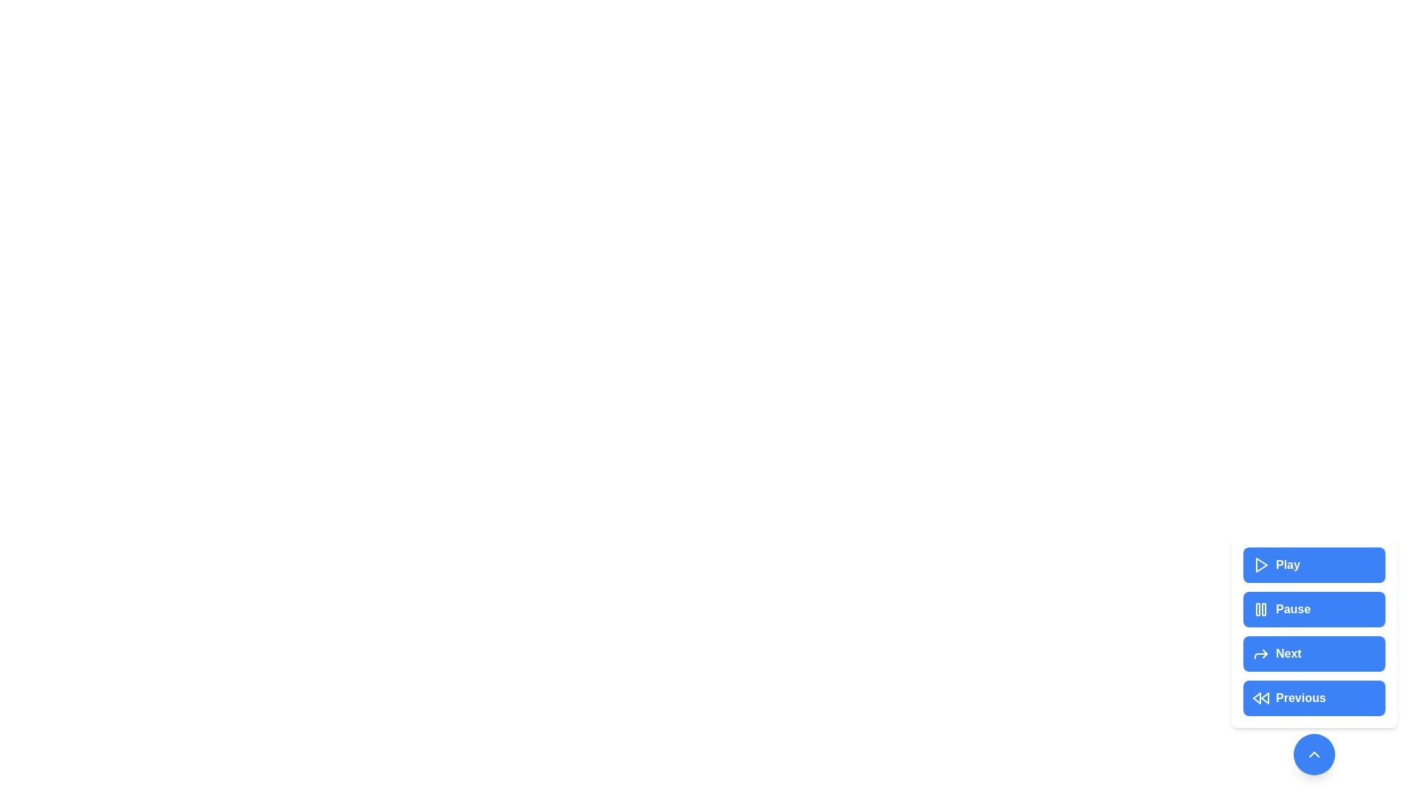  I want to click on the Pause button to perform the corresponding media control action, so click(1314, 610).